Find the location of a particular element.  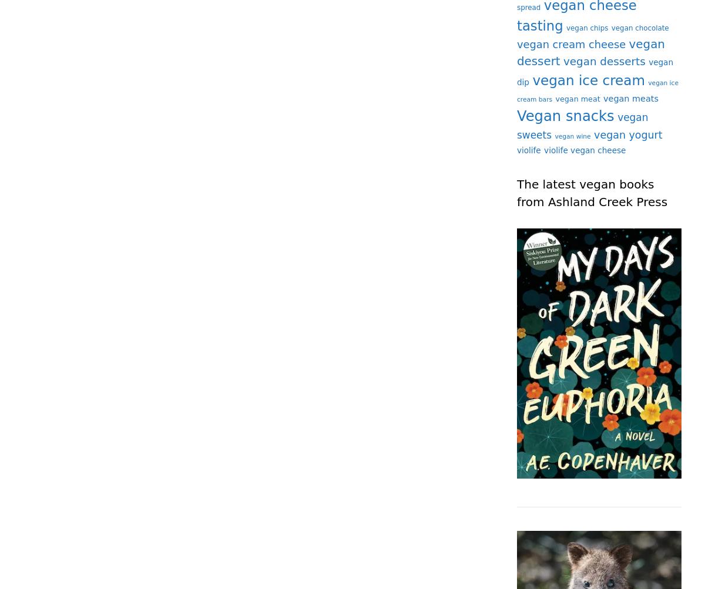

'vegan chocolate' is located at coordinates (611, 28).